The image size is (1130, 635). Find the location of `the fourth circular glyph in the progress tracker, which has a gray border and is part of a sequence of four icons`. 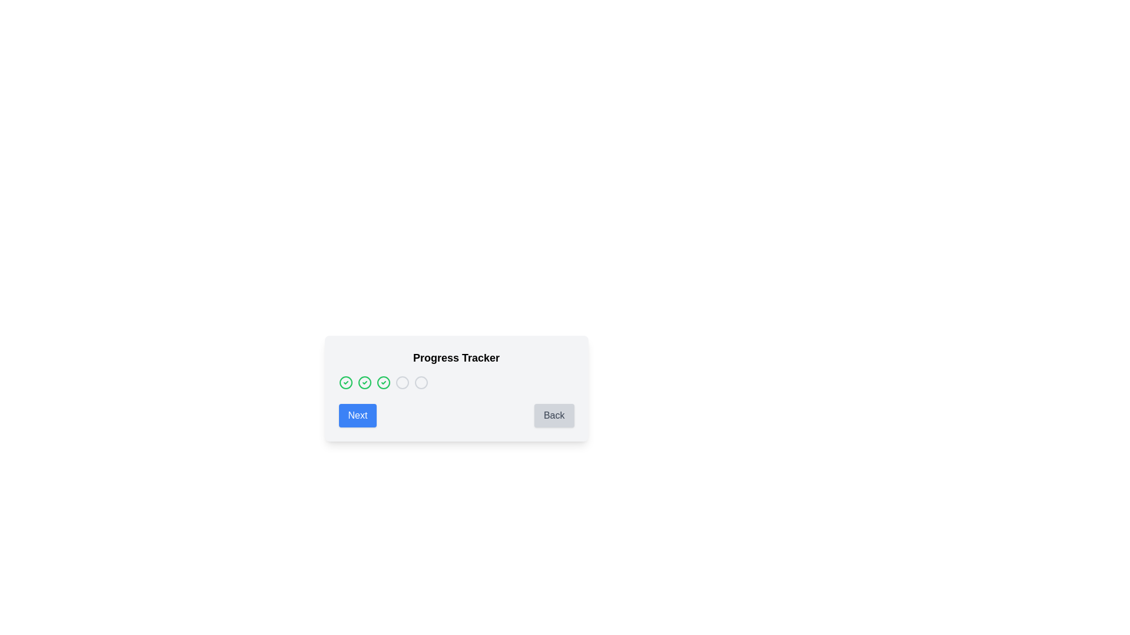

the fourth circular glyph in the progress tracker, which has a gray border and is part of a sequence of four icons is located at coordinates (402, 383).